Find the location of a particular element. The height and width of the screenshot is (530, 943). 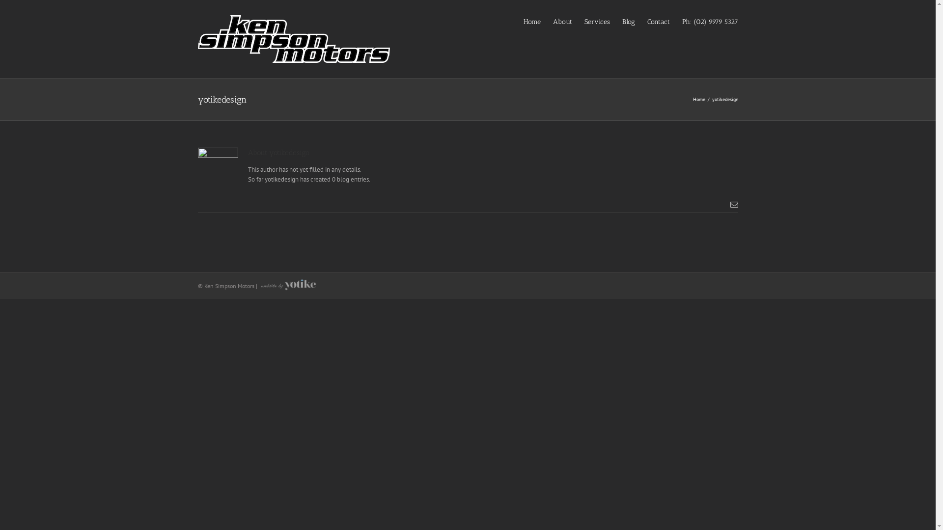

'About' is located at coordinates (562, 21).